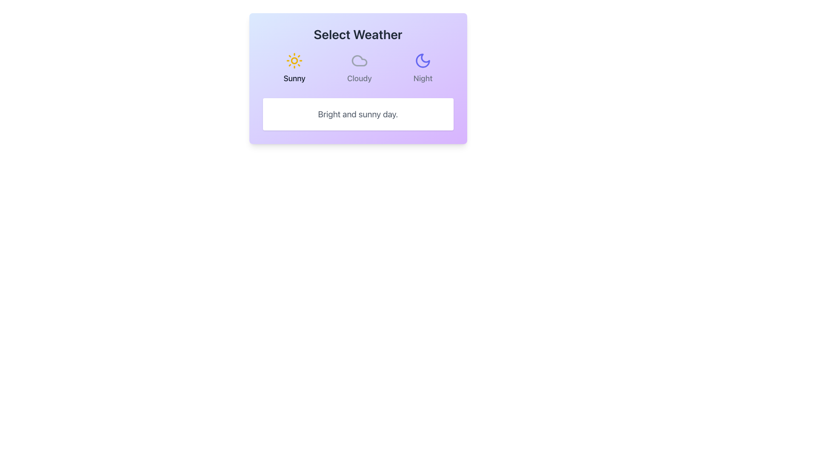 This screenshot has height=459, width=817. What do you see at coordinates (294, 68) in the screenshot?
I see `the 'Sunny' weather selection button` at bounding box center [294, 68].